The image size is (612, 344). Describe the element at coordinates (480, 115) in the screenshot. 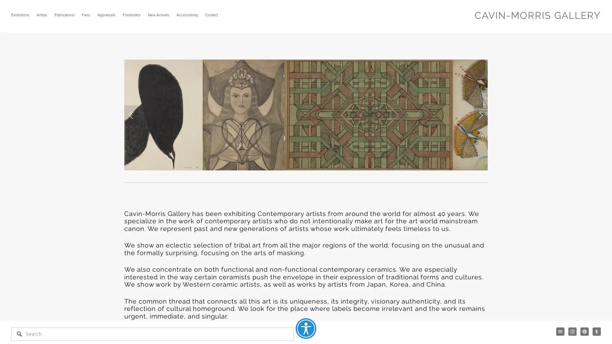

I see `Next Slide` at that location.